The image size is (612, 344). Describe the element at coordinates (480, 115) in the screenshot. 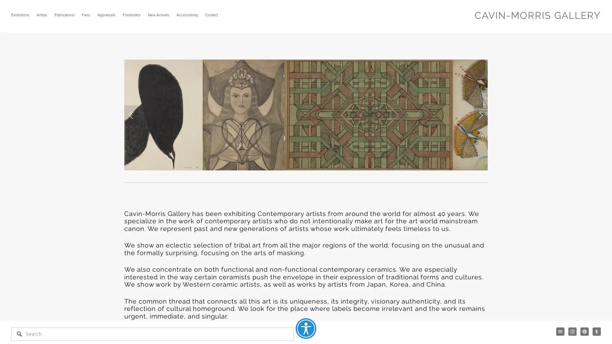

I see `Next Slide` at that location.